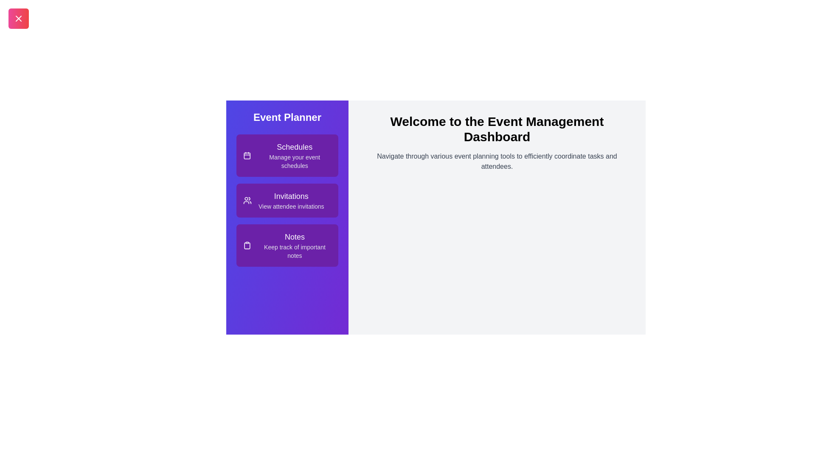 This screenshot has width=815, height=458. I want to click on the 'Schedules' item in the EventPlannerDrawer component, so click(287, 155).